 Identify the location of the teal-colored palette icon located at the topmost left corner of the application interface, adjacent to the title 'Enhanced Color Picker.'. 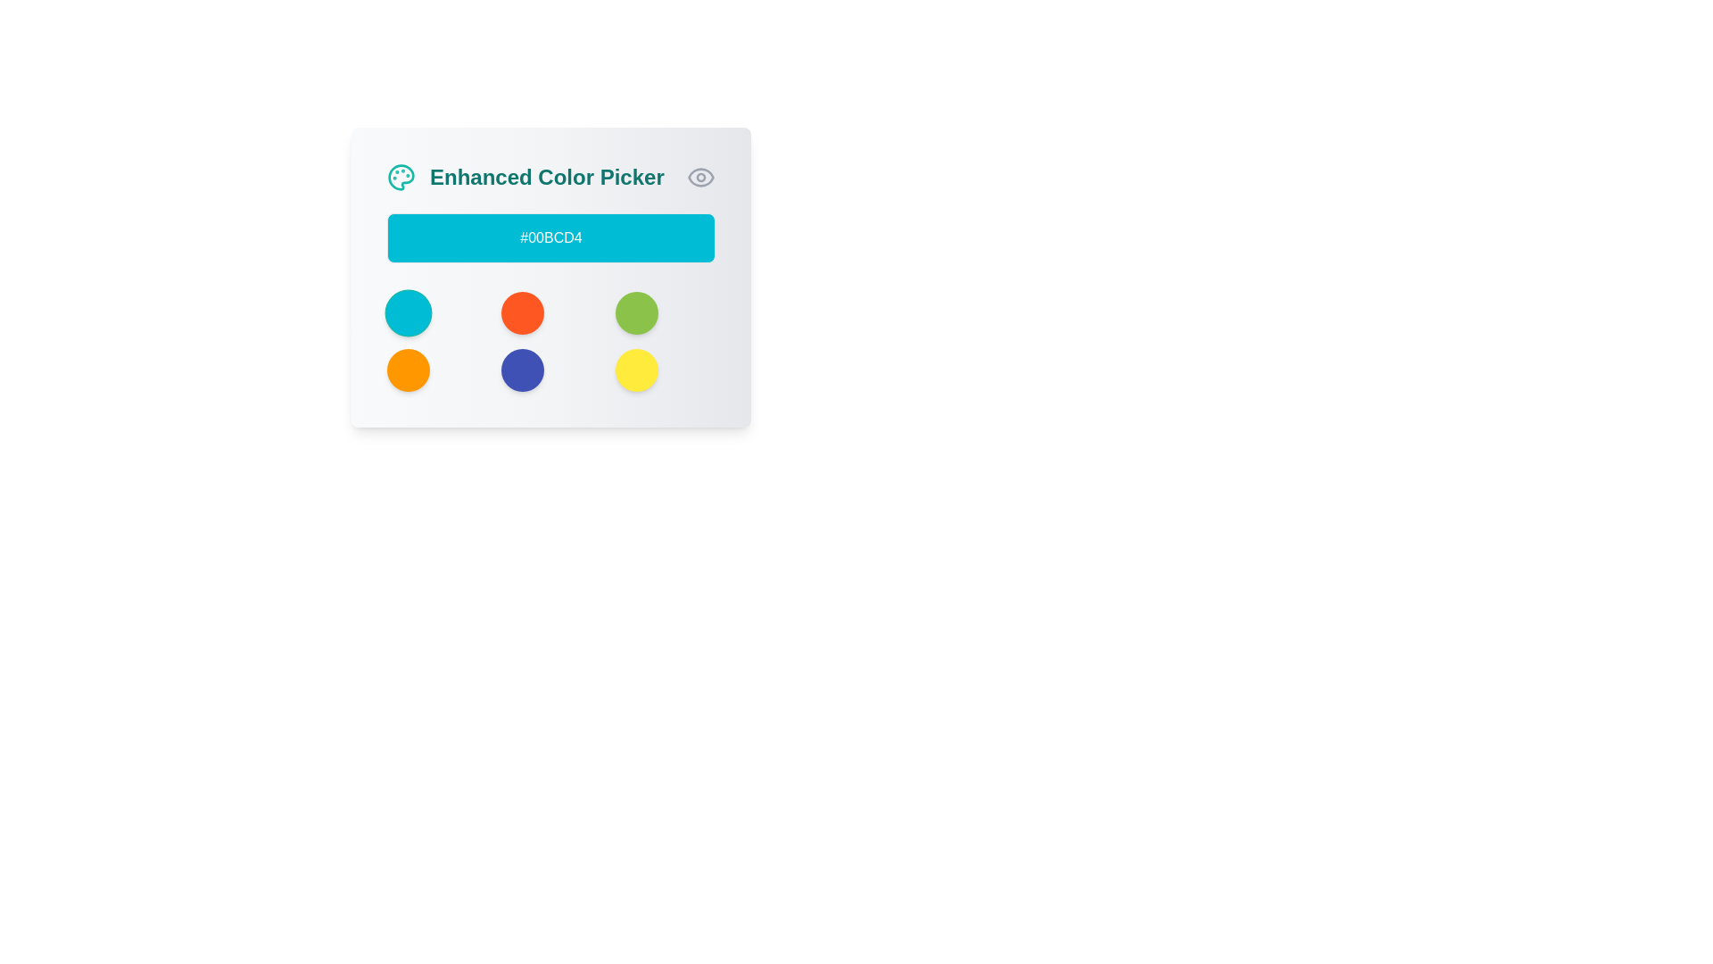
(401, 178).